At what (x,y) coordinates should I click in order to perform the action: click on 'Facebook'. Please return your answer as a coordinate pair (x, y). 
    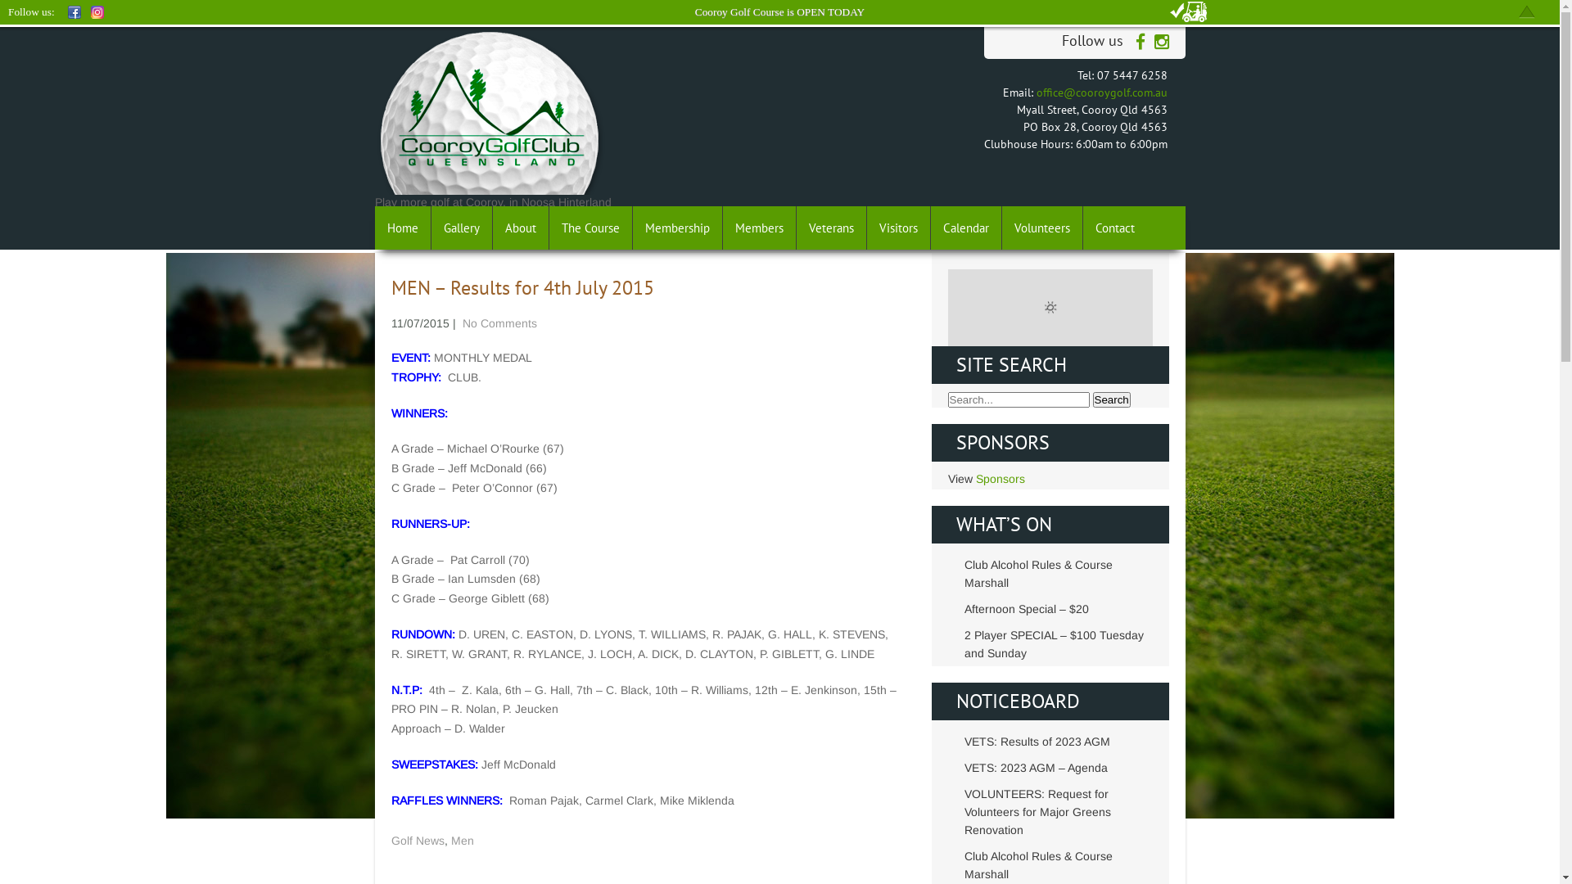
    Looking at the image, I should click on (74, 12).